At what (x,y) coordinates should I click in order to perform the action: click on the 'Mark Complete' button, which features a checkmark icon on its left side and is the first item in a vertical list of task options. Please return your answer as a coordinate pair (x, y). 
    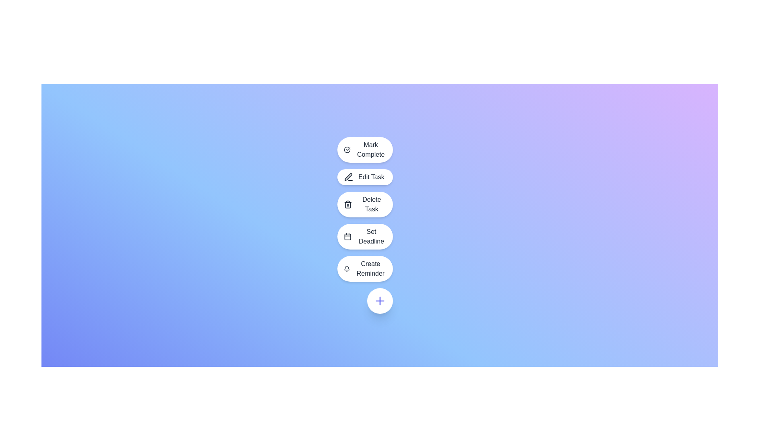
    Looking at the image, I should click on (364, 150).